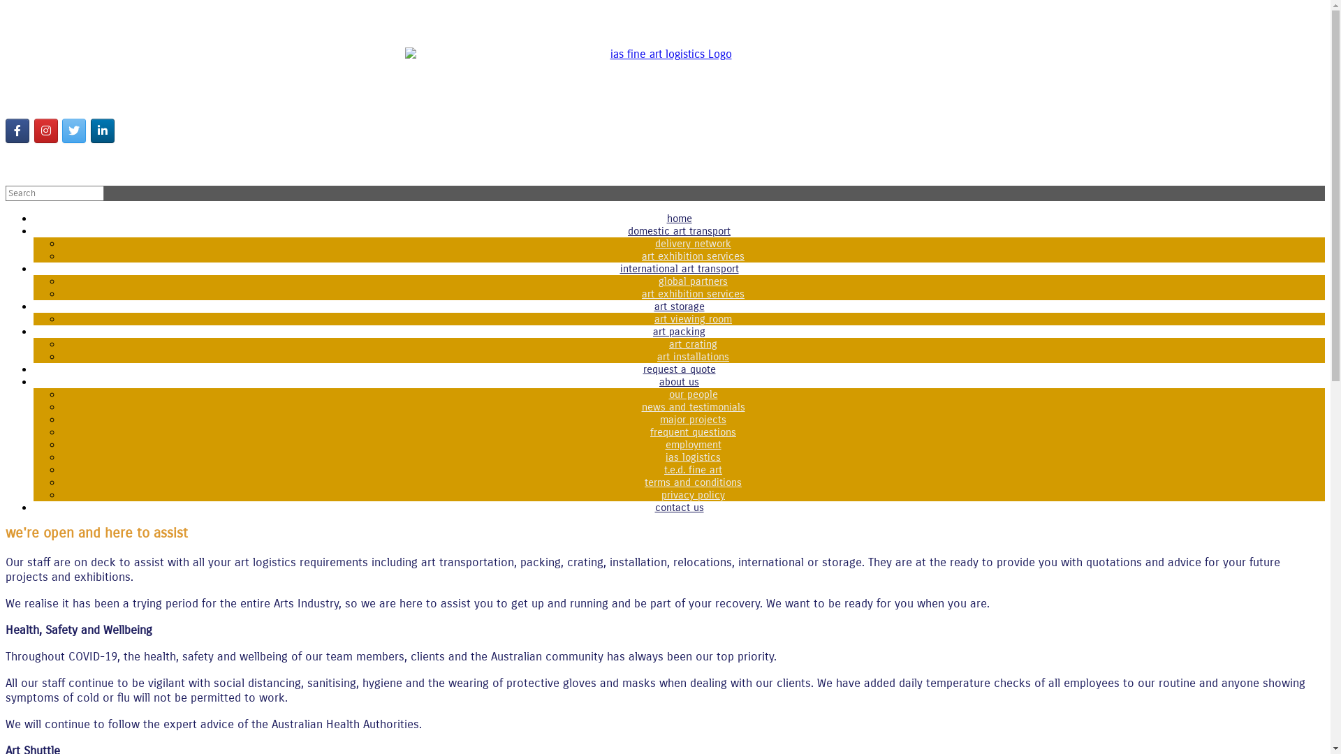  Describe the element at coordinates (693, 406) in the screenshot. I see `'news and testimonials'` at that location.